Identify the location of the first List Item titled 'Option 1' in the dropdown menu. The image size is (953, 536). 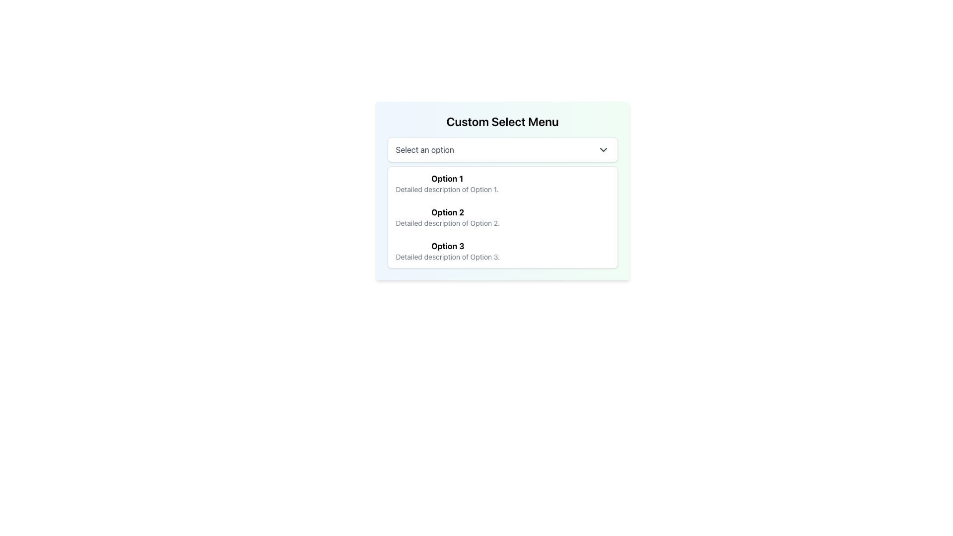
(447, 184).